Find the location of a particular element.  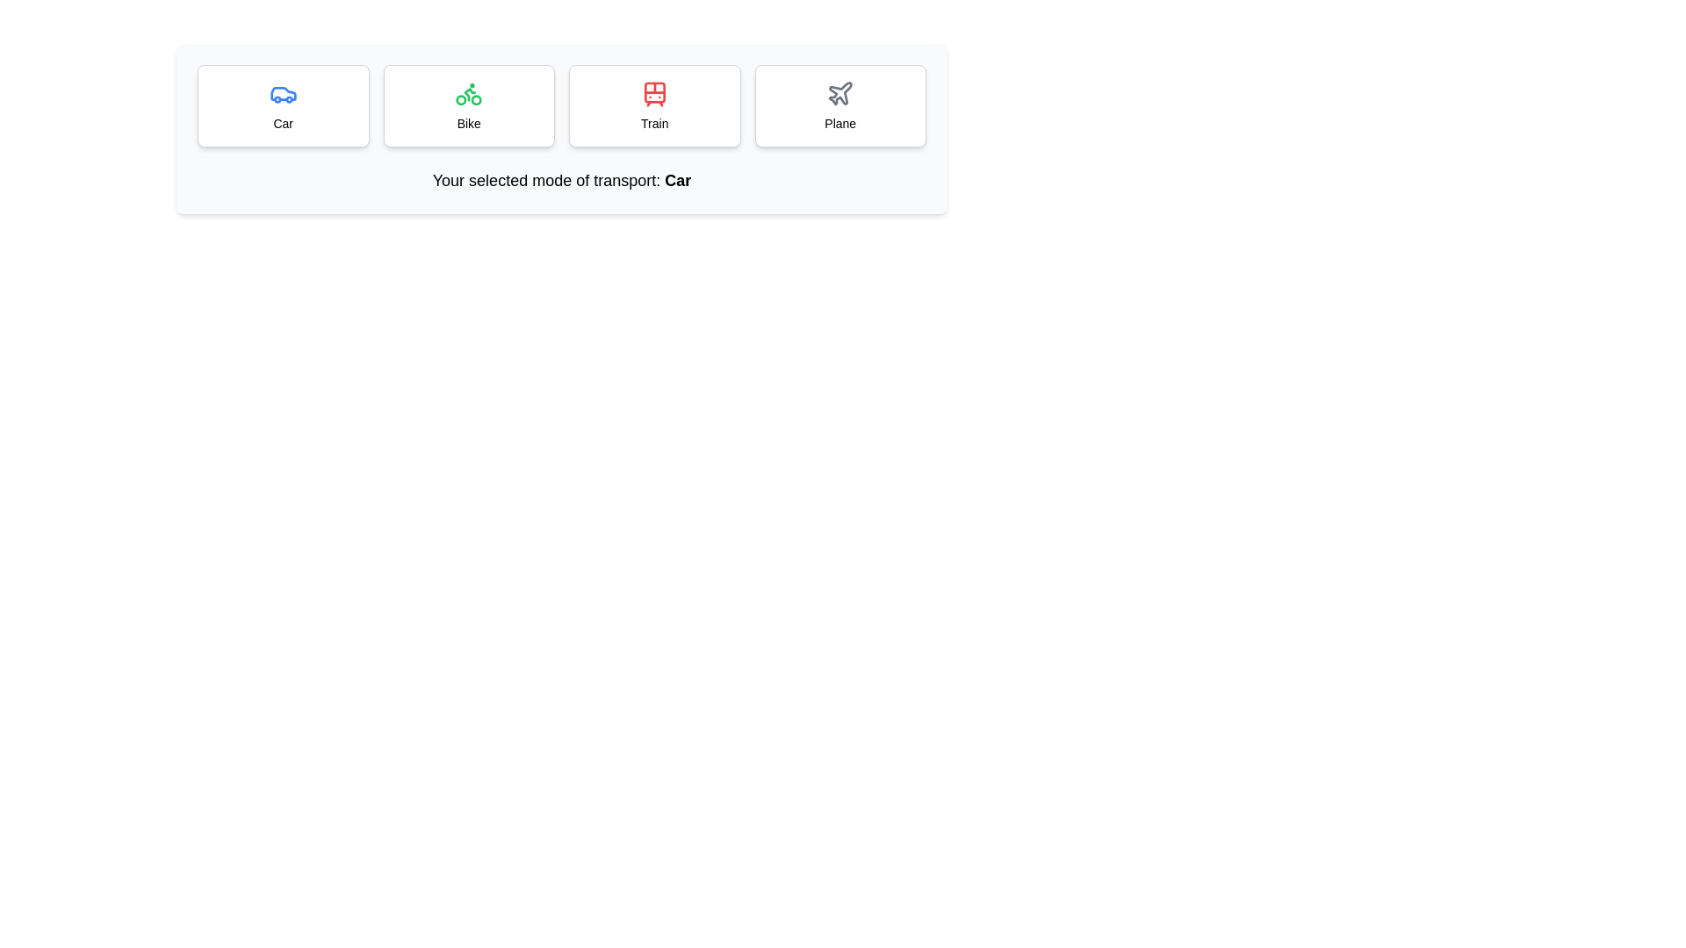

the car icon representing the 'Car' choice in the transport mode selection mechanism is located at coordinates (283, 94).